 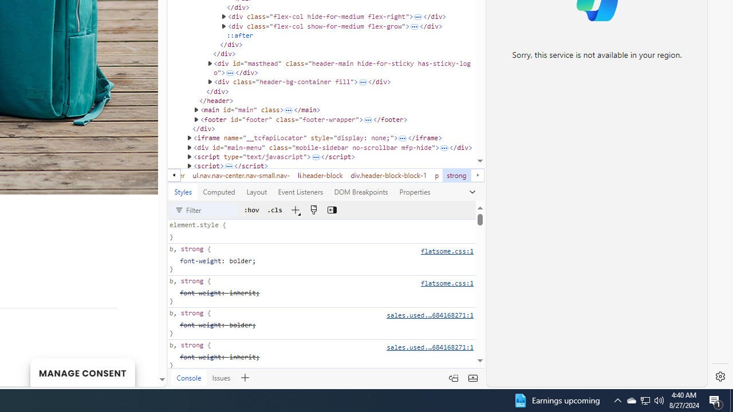 I want to click on 'New Style Rule', so click(x=295, y=209).